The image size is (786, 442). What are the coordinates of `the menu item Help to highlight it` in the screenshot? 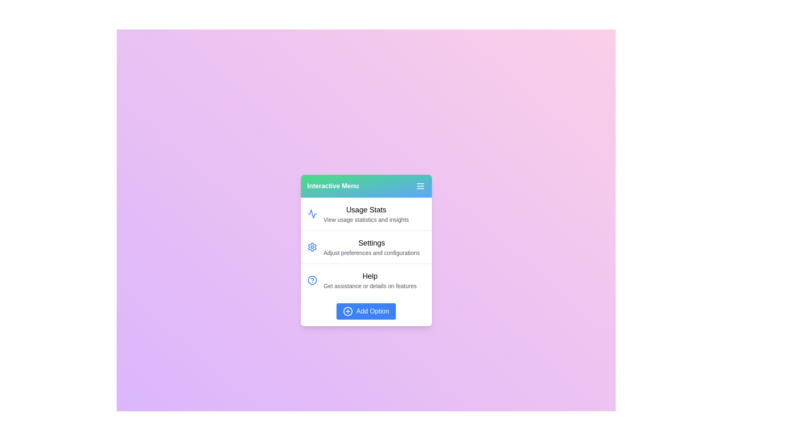 It's located at (366, 280).